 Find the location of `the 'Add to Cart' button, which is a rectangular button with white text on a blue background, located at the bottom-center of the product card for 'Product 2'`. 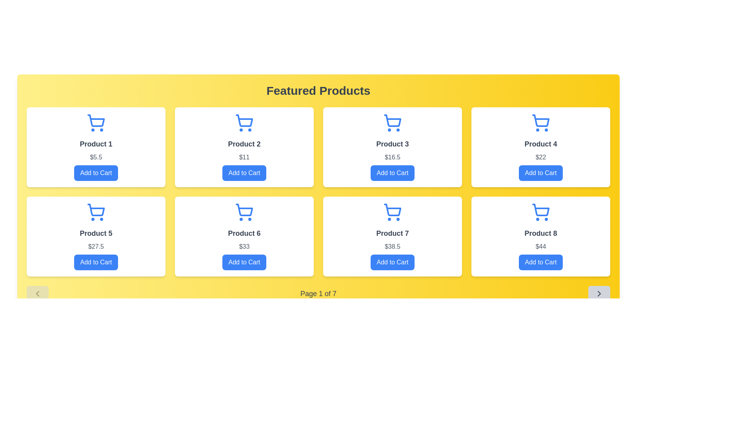

the 'Add to Cart' button, which is a rectangular button with white text on a blue background, located at the bottom-center of the product card for 'Product 2' is located at coordinates (244, 173).